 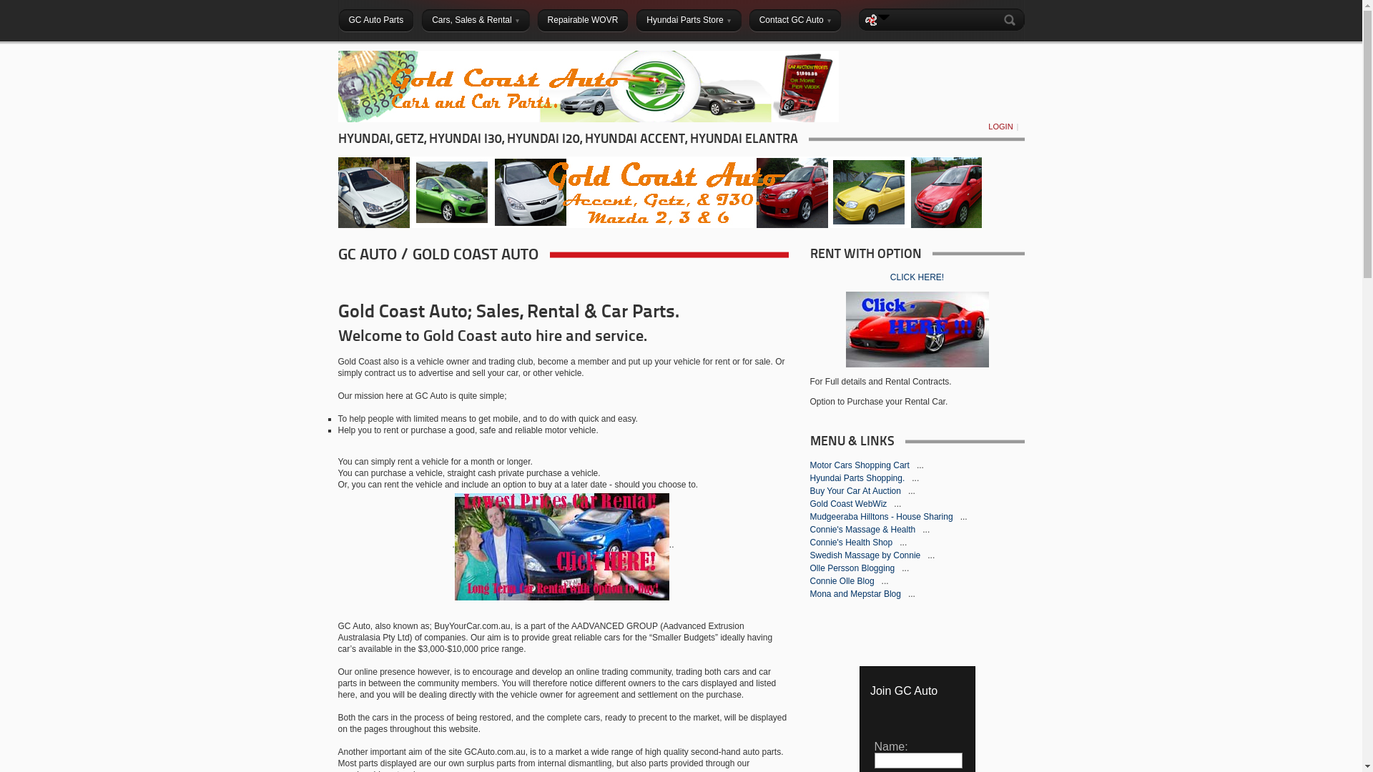 What do you see at coordinates (688, 19) in the screenshot?
I see `'Hyundai Parts Store'` at bounding box center [688, 19].